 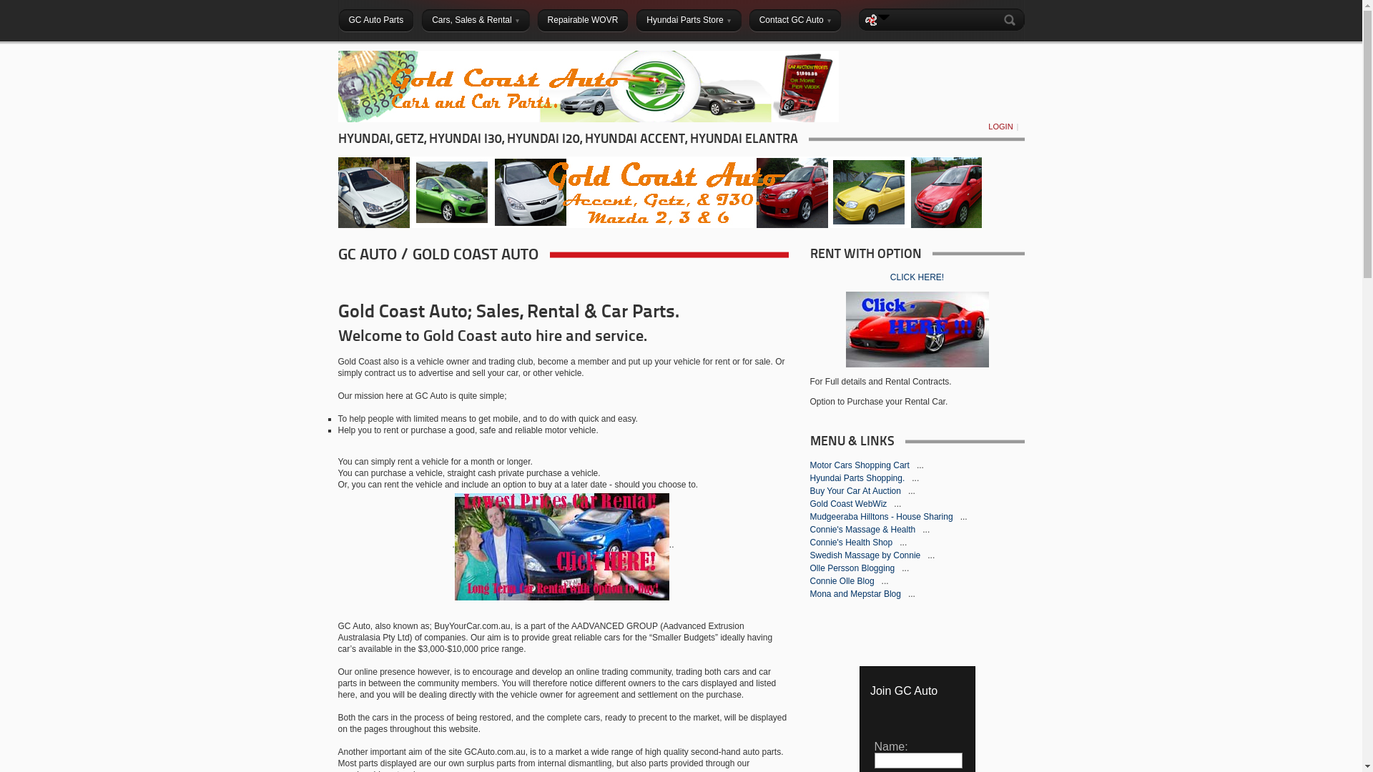 What do you see at coordinates (688, 19) in the screenshot?
I see `'Hyundai Parts Store'` at bounding box center [688, 19].